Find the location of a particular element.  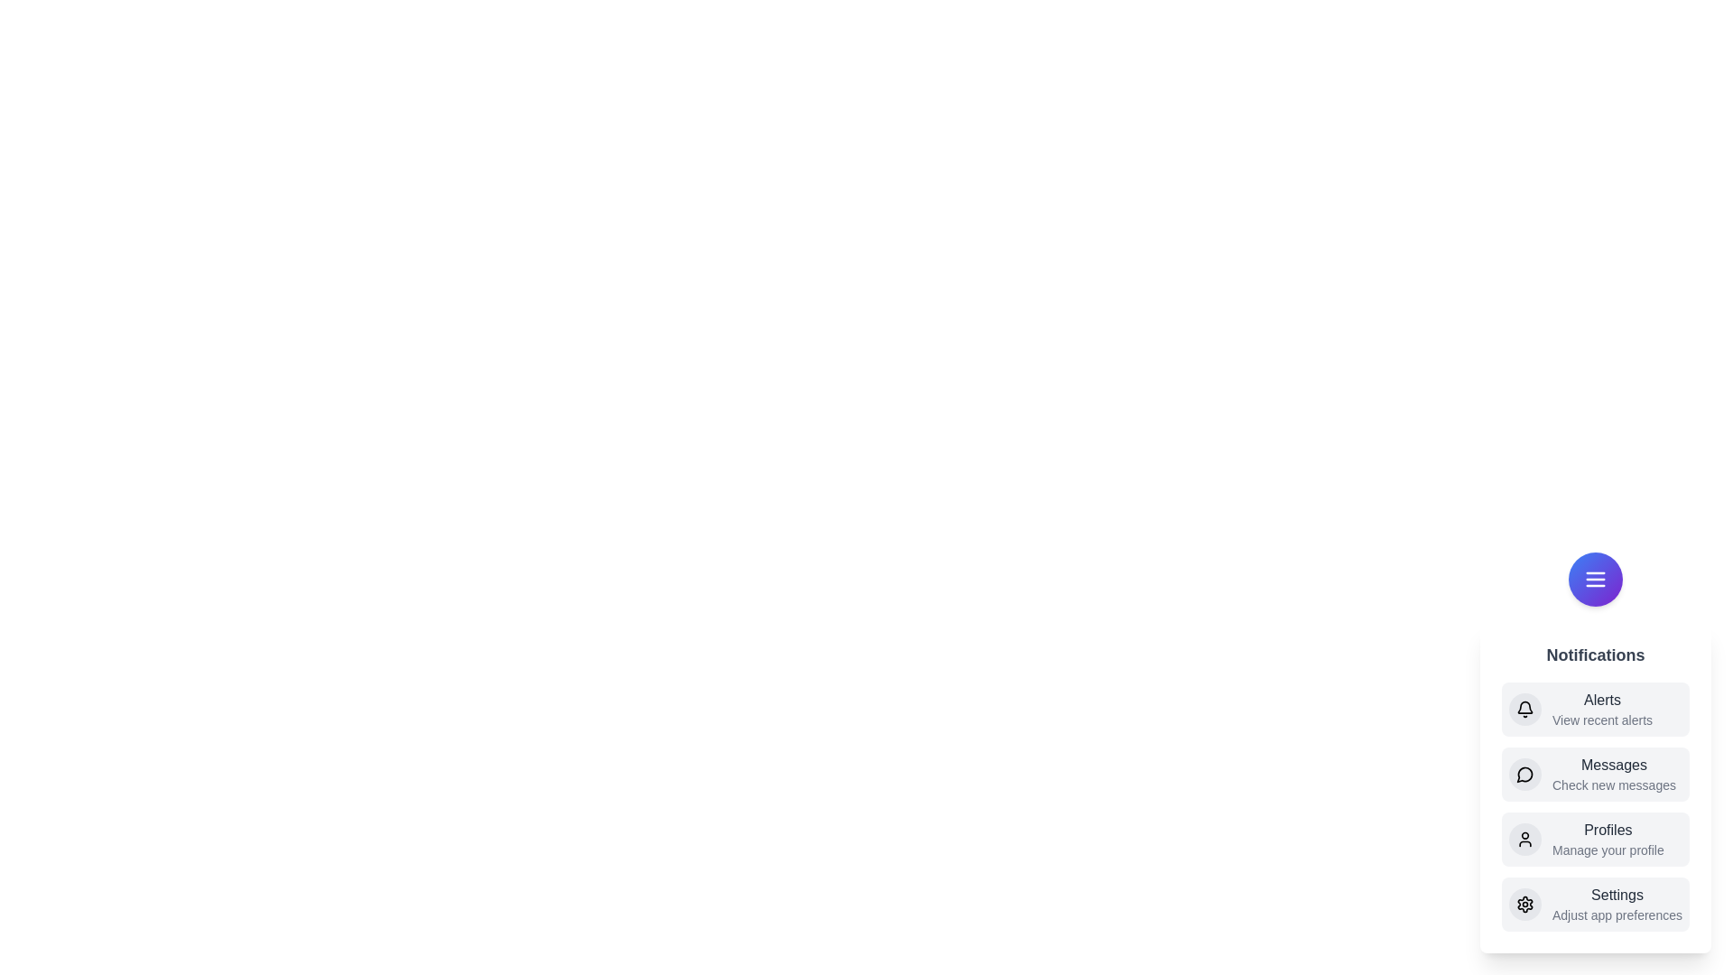

the floating action button to toggle the visibility of the speed dial menu is located at coordinates (1595, 579).